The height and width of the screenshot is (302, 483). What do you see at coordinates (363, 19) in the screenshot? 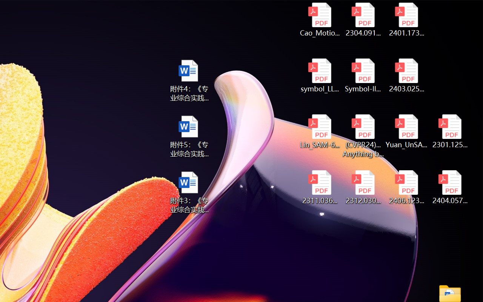
I see `'2304.09121v3.pdf'` at bounding box center [363, 19].